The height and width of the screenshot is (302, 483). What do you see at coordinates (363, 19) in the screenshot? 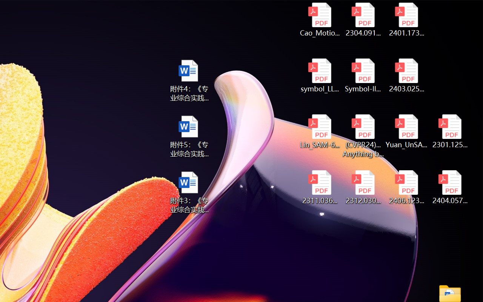
I see `'2304.09121v3.pdf'` at bounding box center [363, 19].